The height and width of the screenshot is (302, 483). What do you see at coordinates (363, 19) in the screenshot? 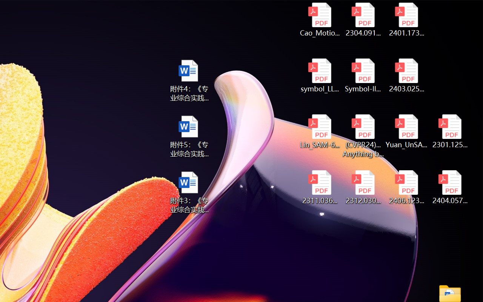
I see `'2304.09121v3.pdf'` at bounding box center [363, 19].